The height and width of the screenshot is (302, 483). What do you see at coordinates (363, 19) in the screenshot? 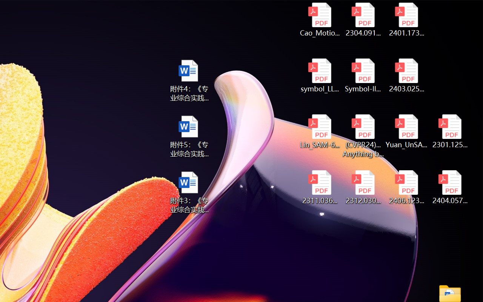
I see `'2304.09121v3.pdf'` at bounding box center [363, 19].